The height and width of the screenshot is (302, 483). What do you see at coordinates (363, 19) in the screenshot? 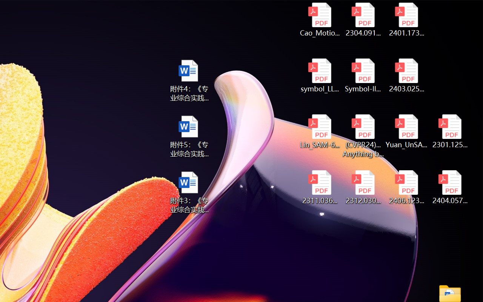
I see `'2304.09121v3.pdf'` at bounding box center [363, 19].